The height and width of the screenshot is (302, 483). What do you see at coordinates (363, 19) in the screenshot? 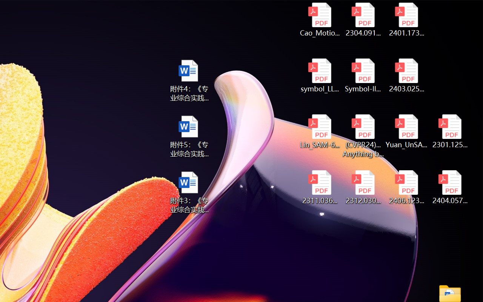
I see `'2304.09121v3.pdf'` at bounding box center [363, 19].